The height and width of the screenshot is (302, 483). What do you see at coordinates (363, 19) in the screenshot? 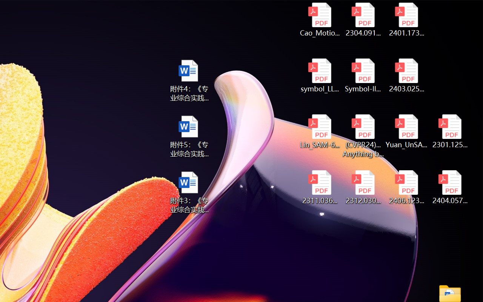
I see `'2304.09121v3.pdf'` at bounding box center [363, 19].